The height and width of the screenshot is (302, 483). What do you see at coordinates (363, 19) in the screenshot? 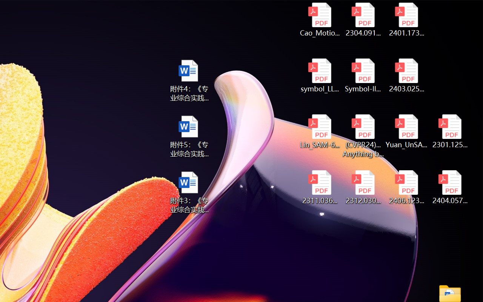
I see `'2304.09121v3.pdf'` at bounding box center [363, 19].